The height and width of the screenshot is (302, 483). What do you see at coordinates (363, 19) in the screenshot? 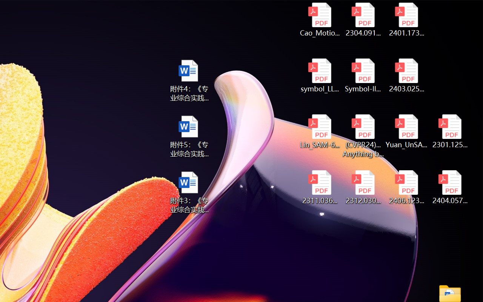
I see `'2304.09121v3.pdf'` at bounding box center [363, 19].